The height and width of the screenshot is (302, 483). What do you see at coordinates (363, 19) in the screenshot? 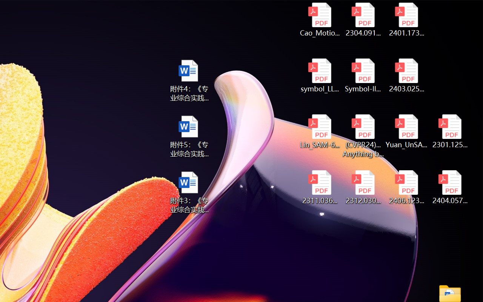
I see `'2304.09121v3.pdf'` at bounding box center [363, 19].